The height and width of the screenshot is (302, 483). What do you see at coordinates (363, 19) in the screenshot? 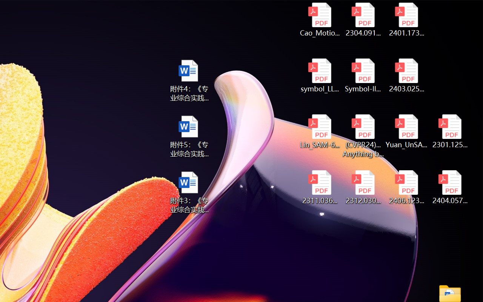
I see `'2304.09121v3.pdf'` at bounding box center [363, 19].